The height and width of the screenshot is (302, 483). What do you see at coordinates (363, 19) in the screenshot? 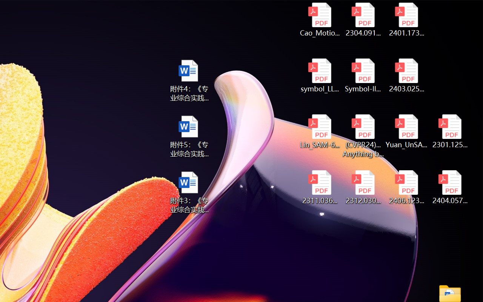
I see `'2304.09121v3.pdf'` at bounding box center [363, 19].